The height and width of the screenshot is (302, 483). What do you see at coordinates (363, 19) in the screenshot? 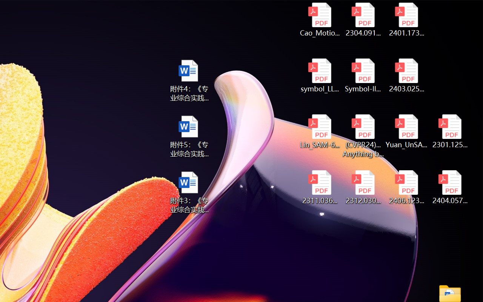
I see `'2304.09121v3.pdf'` at bounding box center [363, 19].